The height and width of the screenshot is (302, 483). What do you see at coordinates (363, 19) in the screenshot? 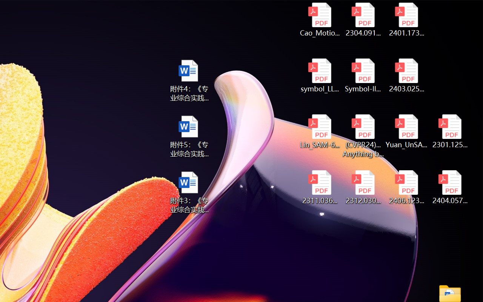
I see `'2304.09121v3.pdf'` at bounding box center [363, 19].